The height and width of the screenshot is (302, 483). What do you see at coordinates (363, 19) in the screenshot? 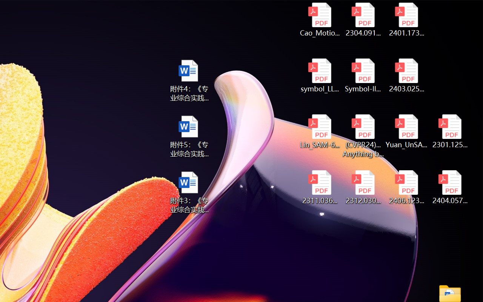
I see `'2304.09121v3.pdf'` at bounding box center [363, 19].